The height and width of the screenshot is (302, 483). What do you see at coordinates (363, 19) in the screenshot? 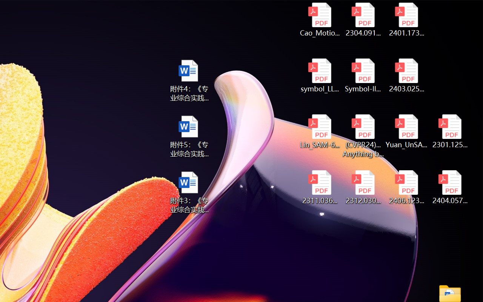
I see `'2304.09121v3.pdf'` at bounding box center [363, 19].